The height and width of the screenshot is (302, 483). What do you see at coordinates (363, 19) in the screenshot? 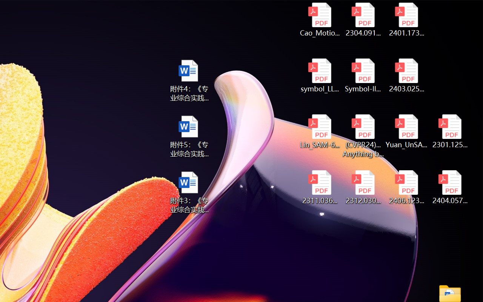
I see `'2304.09121v3.pdf'` at bounding box center [363, 19].